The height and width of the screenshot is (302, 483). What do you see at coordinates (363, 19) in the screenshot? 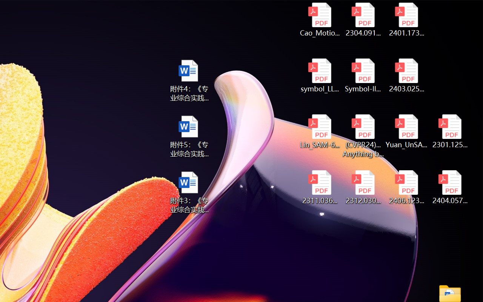
I see `'2304.09121v3.pdf'` at bounding box center [363, 19].